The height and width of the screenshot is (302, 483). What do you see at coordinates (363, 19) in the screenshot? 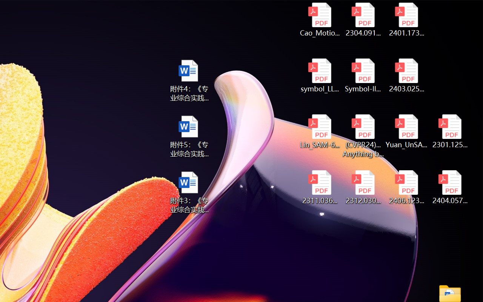
I see `'2304.09121v3.pdf'` at bounding box center [363, 19].